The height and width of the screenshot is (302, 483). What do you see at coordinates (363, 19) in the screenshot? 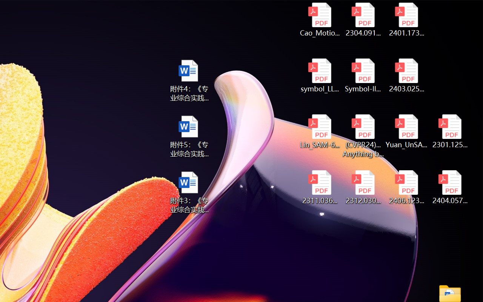
I see `'2304.09121v3.pdf'` at bounding box center [363, 19].